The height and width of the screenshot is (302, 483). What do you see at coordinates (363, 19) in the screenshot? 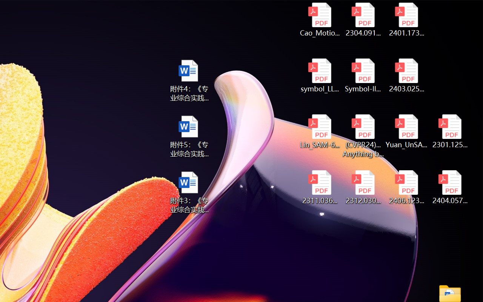
I see `'2304.09121v3.pdf'` at bounding box center [363, 19].